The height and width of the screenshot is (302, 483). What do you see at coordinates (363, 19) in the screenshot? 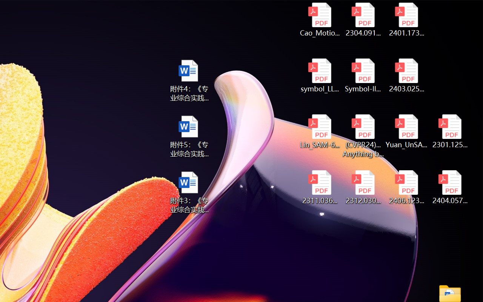
I see `'2304.09121v3.pdf'` at bounding box center [363, 19].